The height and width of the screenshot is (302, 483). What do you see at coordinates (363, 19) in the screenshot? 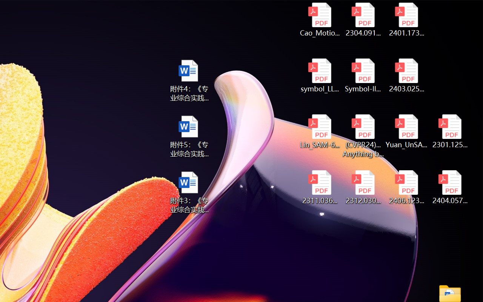
I see `'2304.09121v3.pdf'` at bounding box center [363, 19].